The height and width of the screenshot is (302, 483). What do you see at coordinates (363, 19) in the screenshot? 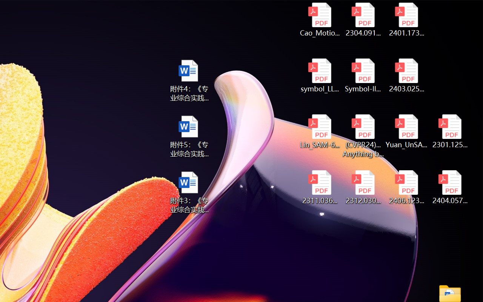
I see `'2304.09121v3.pdf'` at bounding box center [363, 19].